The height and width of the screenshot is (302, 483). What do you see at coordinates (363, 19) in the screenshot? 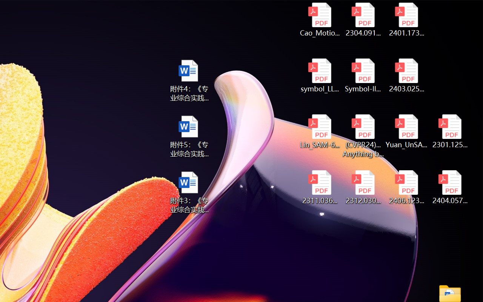
I see `'2304.09121v3.pdf'` at bounding box center [363, 19].